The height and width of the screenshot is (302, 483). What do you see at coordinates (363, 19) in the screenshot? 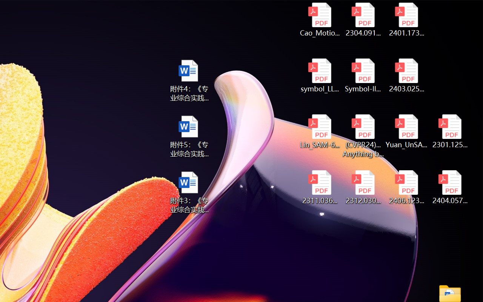
I see `'2304.09121v3.pdf'` at bounding box center [363, 19].